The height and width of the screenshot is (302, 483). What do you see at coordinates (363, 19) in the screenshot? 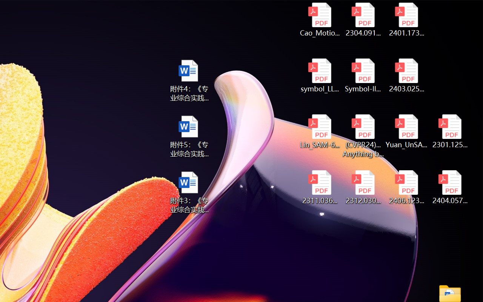
I see `'2304.09121v3.pdf'` at bounding box center [363, 19].